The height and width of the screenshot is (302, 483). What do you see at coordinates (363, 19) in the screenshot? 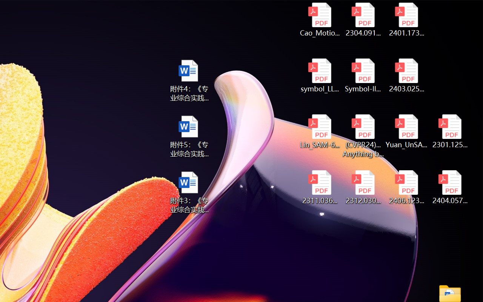
I see `'2304.09121v3.pdf'` at bounding box center [363, 19].